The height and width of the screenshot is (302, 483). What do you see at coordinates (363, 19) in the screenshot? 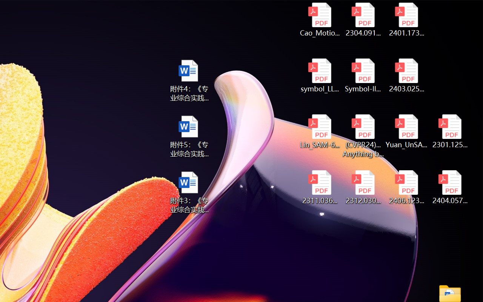
I see `'2304.09121v3.pdf'` at bounding box center [363, 19].